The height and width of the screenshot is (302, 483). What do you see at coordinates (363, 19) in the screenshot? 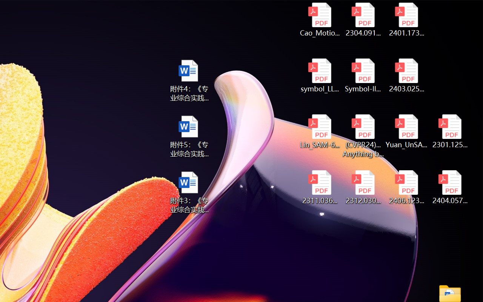
I see `'2304.09121v3.pdf'` at bounding box center [363, 19].